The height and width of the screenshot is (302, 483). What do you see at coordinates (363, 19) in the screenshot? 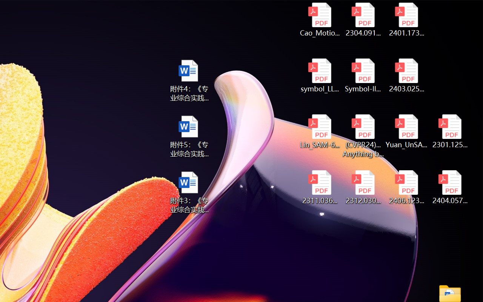
I see `'2304.09121v3.pdf'` at bounding box center [363, 19].